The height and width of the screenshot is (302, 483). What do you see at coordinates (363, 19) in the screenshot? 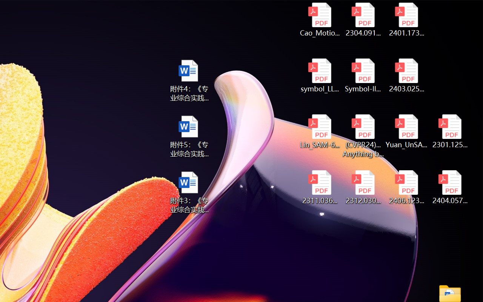
I see `'2304.09121v3.pdf'` at bounding box center [363, 19].